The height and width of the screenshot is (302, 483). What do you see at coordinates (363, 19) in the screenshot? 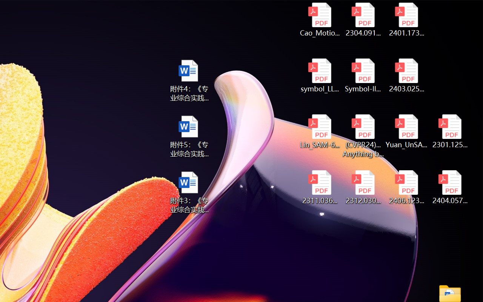
I see `'2304.09121v3.pdf'` at bounding box center [363, 19].